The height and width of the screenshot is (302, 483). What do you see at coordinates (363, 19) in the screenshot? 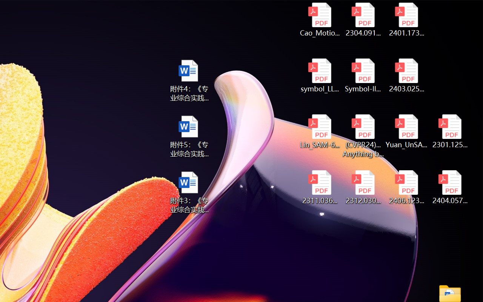
I see `'2304.09121v3.pdf'` at bounding box center [363, 19].